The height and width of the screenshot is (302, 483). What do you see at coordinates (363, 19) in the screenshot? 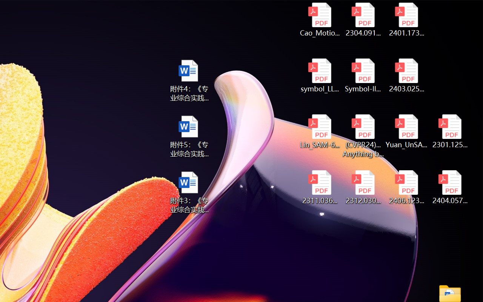
I see `'2304.09121v3.pdf'` at bounding box center [363, 19].